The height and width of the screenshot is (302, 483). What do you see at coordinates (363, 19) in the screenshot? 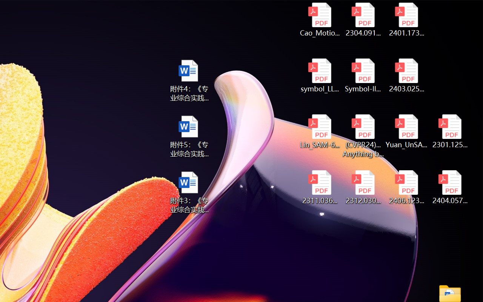
I see `'2304.09121v3.pdf'` at bounding box center [363, 19].